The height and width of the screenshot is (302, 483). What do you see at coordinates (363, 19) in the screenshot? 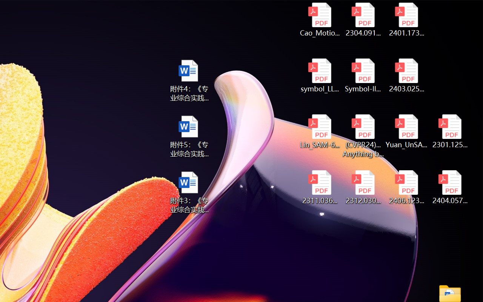
I see `'2304.09121v3.pdf'` at bounding box center [363, 19].